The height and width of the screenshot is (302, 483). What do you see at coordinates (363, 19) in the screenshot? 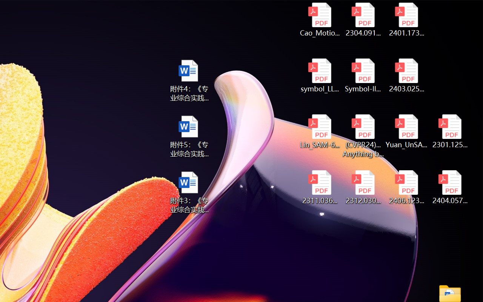
I see `'2304.09121v3.pdf'` at bounding box center [363, 19].